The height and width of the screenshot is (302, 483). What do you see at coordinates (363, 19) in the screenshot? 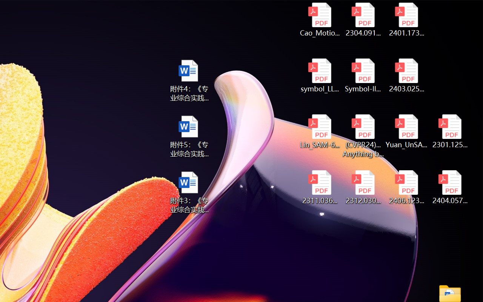
I see `'2304.09121v3.pdf'` at bounding box center [363, 19].